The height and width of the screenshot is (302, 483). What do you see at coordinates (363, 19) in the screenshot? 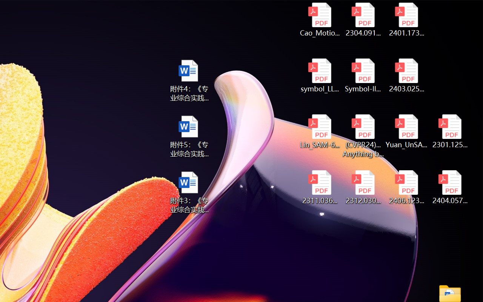
I see `'2304.09121v3.pdf'` at bounding box center [363, 19].